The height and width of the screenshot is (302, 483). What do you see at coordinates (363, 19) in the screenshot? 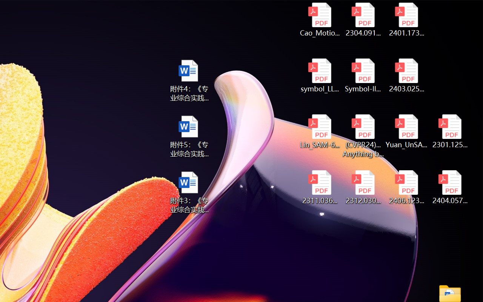
I see `'2304.09121v3.pdf'` at bounding box center [363, 19].